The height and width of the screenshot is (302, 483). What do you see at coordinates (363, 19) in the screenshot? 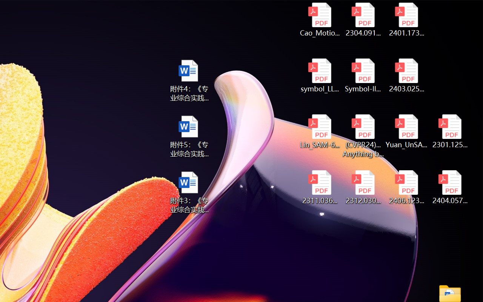
I see `'2304.09121v3.pdf'` at bounding box center [363, 19].